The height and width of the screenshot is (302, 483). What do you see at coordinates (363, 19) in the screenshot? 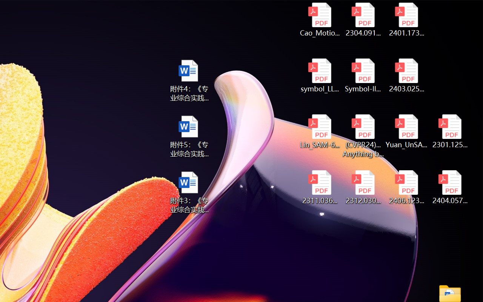
I see `'2304.09121v3.pdf'` at bounding box center [363, 19].